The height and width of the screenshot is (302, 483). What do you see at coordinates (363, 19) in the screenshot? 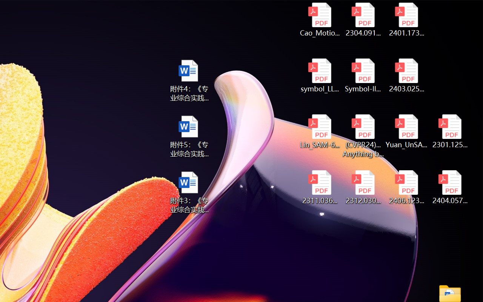
I see `'2304.09121v3.pdf'` at bounding box center [363, 19].